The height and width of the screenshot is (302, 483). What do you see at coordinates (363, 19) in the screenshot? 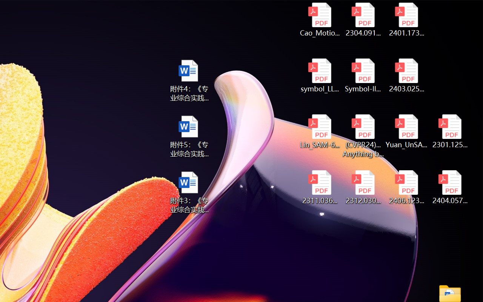
I see `'2304.09121v3.pdf'` at bounding box center [363, 19].